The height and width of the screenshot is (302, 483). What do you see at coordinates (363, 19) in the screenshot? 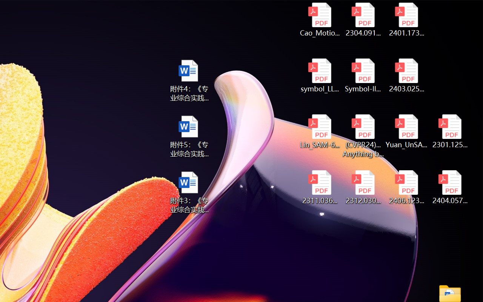
I see `'2304.09121v3.pdf'` at bounding box center [363, 19].